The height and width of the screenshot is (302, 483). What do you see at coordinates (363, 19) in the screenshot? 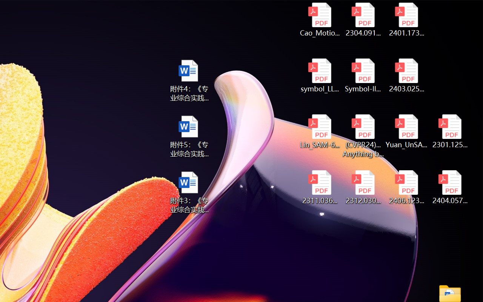
I see `'2304.09121v3.pdf'` at bounding box center [363, 19].